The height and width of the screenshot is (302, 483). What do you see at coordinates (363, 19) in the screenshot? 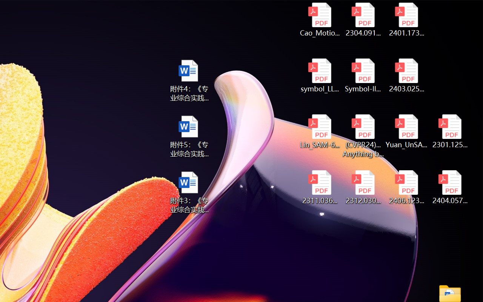
I see `'2304.09121v3.pdf'` at bounding box center [363, 19].